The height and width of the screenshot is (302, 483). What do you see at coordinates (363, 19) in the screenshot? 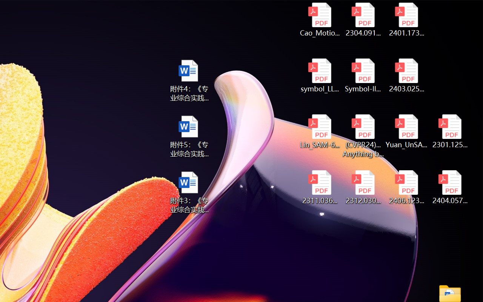
I see `'2304.09121v3.pdf'` at bounding box center [363, 19].